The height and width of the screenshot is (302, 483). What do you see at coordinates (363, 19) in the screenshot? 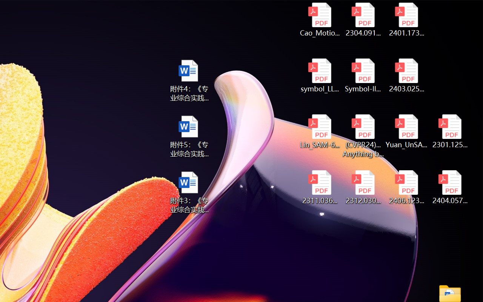
I see `'2304.09121v3.pdf'` at bounding box center [363, 19].